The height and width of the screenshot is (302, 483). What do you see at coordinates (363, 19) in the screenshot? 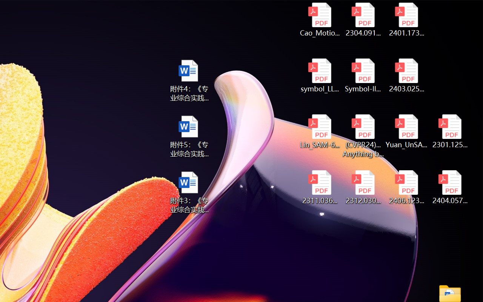
I see `'2304.09121v3.pdf'` at bounding box center [363, 19].